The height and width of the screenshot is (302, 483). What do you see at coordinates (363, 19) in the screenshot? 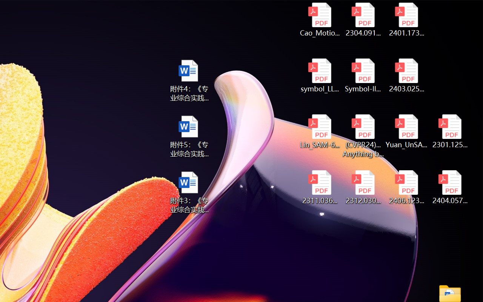
I see `'2304.09121v3.pdf'` at bounding box center [363, 19].